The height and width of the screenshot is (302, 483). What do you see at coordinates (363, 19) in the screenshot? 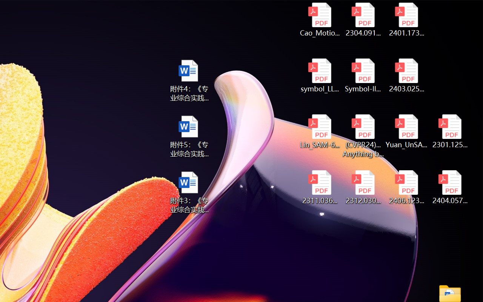
I see `'2304.09121v3.pdf'` at bounding box center [363, 19].